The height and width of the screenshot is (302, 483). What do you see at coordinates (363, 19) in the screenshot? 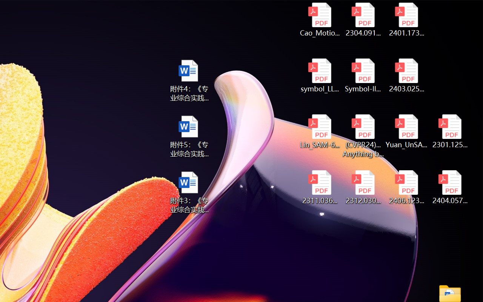
I see `'2304.09121v3.pdf'` at bounding box center [363, 19].